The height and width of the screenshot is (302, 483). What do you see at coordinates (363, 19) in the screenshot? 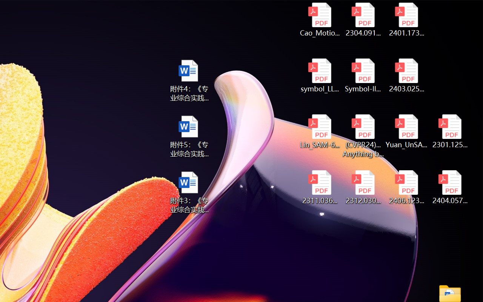
I see `'2304.09121v3.pdf'` at bounding box center [363, 19].